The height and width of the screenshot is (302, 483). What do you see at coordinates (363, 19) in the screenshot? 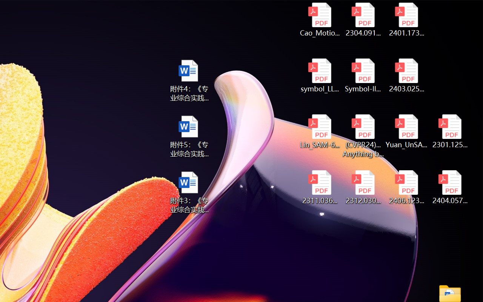
I see `'2304.09121v3.pdf'` at bounding box center [363, 19].